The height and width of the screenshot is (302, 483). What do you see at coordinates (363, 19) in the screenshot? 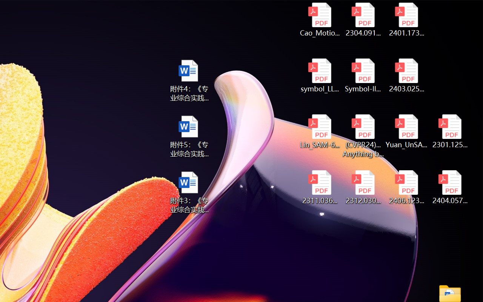
I see `'2304.09121v3.pdf'` at bounding box center [363, 19].